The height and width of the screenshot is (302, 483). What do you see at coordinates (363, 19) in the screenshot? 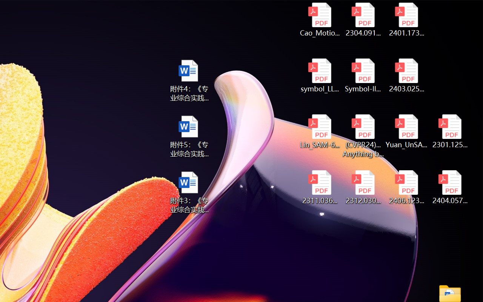
I see `'2304.09121v3.pdf'` at bounding box center [363, 19].